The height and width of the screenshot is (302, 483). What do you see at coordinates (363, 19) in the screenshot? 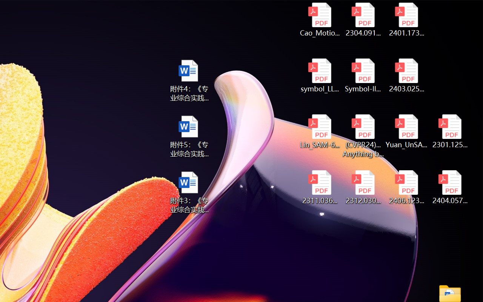
I see `'2304.09121v3.pdf'` at bounding box center [363, 19].